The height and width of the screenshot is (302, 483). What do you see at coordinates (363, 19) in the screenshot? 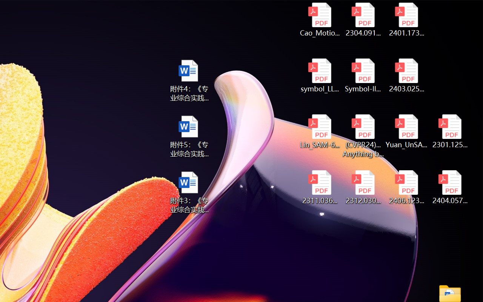
I see `'2304.09121v3.pdf'` at bounding box center [363, 19].